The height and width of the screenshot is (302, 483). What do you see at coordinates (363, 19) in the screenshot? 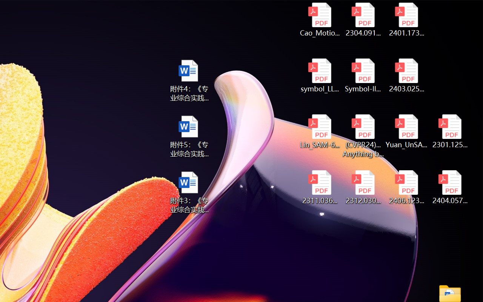
I see `'2304.09121v3.pdf'` at bounding box center [363, 19].